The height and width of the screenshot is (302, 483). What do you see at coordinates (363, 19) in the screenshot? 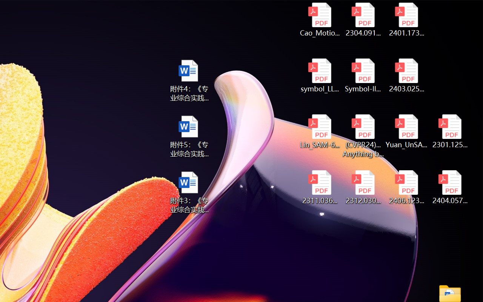
I see `'2304.09121v3.pdf'` at bounding box center [363, 19].